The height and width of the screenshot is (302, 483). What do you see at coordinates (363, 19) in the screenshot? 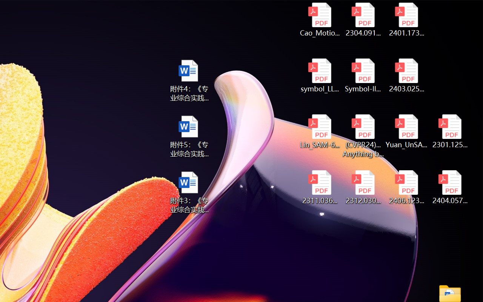
I see `'2304.09121v3.pdf'` at bounding box center [363, 19].